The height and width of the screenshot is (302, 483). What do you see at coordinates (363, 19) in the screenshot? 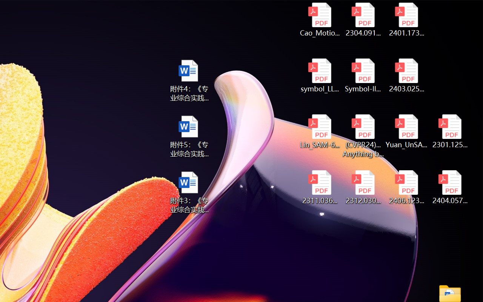
I see `'2304.09121v3.pdf'` at bounding box center [363, 19].